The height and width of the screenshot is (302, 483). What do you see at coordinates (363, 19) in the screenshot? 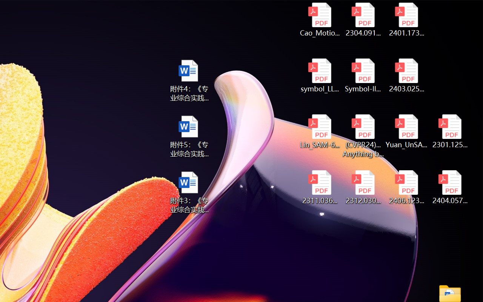
I see `'2304.09121v3.pdf'` at bounding box center [363, 19].